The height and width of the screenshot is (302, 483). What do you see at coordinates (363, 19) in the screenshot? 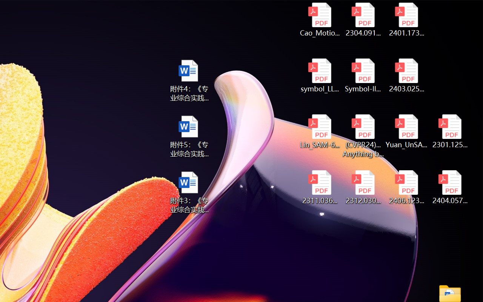
I see `'2304.09121v3.pdf'` at bounding box center [363, 19].